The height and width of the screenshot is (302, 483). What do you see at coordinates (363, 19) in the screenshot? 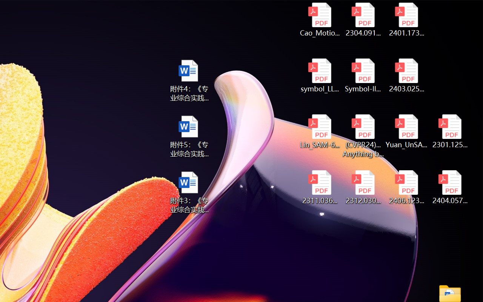
I see `'2304.09121v3.pdf'` at bounding box center [363, 19].